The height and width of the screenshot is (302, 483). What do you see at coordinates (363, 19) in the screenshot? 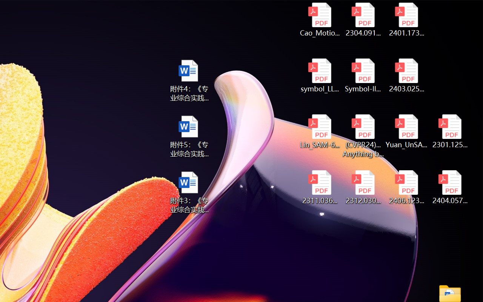
I see `'2304.09121v3.pdf'` at bounding box center [363, 19].